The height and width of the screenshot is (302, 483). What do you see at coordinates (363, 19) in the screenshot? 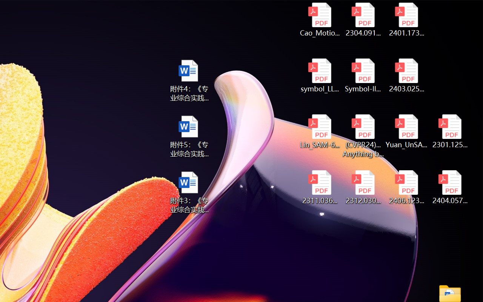
I see `'2304.09121v3.pdf'` at bounding box center [363, 19].